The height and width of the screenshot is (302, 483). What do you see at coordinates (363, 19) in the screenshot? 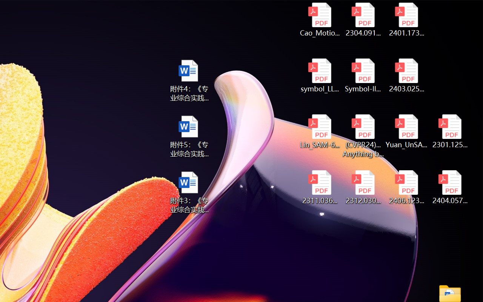
I see `'2304.09121v3.pdf'` at bounding box center [363, 19].